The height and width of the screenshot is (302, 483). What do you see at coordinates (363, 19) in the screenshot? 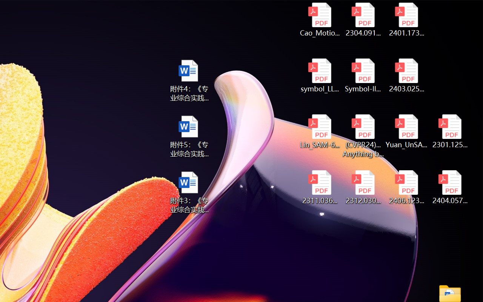
I see `'2304.09121v3.pdf'` at bounding box center [363, 19].